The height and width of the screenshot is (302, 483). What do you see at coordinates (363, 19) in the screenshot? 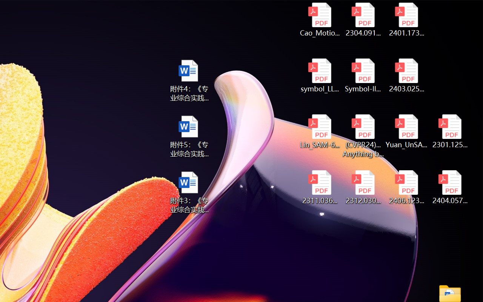
I see `'2304.09121v3.pdf'` at bounding box center [363, 19].